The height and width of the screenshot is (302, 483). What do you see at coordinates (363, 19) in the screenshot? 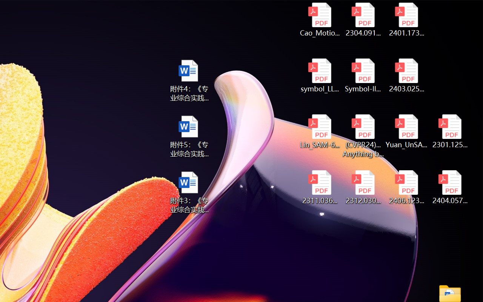
I see `'2304.09121v3.pdf'` at bounding box center [363, 19].